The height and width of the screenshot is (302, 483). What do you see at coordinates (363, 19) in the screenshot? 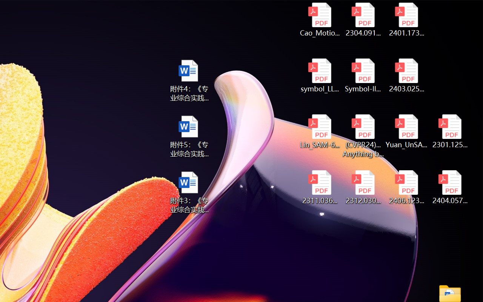
I see `'2304.09121v3.pdf'` at bounding box center [363, 19].